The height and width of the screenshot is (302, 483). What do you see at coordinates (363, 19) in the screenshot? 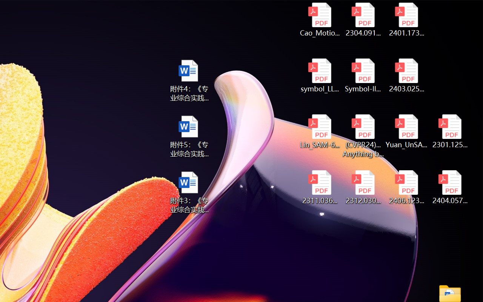
I see `'2304.09121v3.pdf'` at bounding box center [363, 19].